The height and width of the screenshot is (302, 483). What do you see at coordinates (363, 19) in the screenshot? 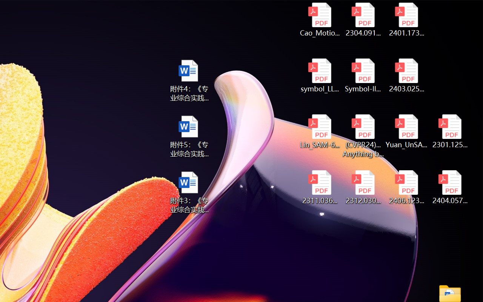
I see `'2304.09121v3.pdf'` at bounding box center [363, 19].